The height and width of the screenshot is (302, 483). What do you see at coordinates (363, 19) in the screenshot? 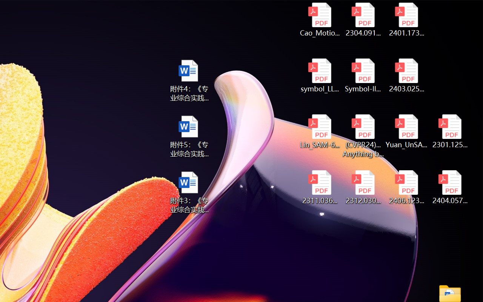
I see `'2304.09121v3.pdf'` at bounding box center [363, 19].